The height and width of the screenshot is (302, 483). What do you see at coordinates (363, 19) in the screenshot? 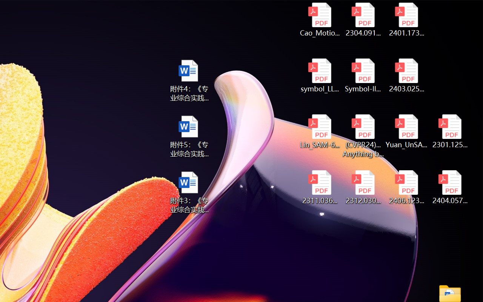
I see `'2304.09121v3.pdf'` at bounding box center [363, 19].